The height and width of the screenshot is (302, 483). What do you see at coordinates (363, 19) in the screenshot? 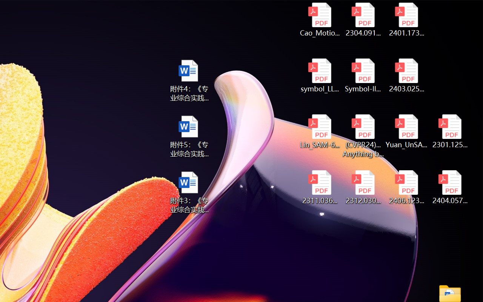
I see `'2304.09121v3.pdf'` at bounding box center [363, 19].